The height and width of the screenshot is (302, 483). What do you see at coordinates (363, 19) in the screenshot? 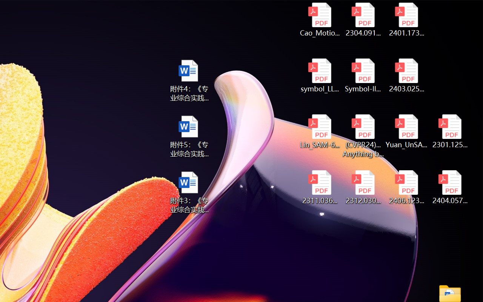
I see `'2304.09121v3.pdf'` at bounding box center [363, 19].